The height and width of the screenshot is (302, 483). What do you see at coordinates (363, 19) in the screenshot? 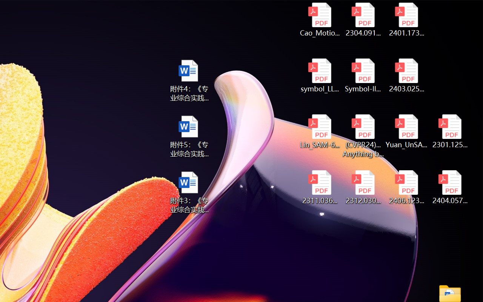
I see `'2304.09121v3.pdf'` at bounding box center [363, 19].